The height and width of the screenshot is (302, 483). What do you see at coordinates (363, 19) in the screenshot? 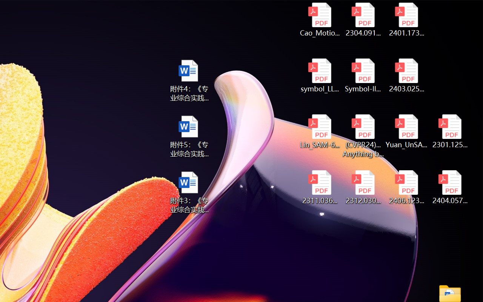
I see `'2304.09121v3.pdf'` at bounding box center [363, 19].